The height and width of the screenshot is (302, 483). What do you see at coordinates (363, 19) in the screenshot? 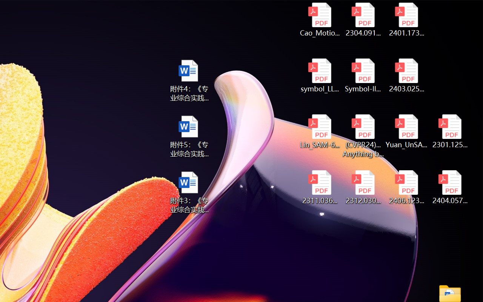
I see `'2304.09121v3.pdf'` at bounding box center [363, 19].